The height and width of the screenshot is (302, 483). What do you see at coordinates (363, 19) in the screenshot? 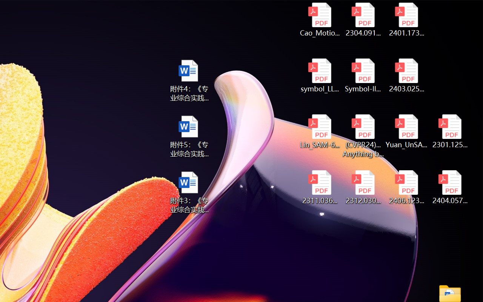
I see `'2304.09121v3.pdf'` at bounding box center [363, 19].